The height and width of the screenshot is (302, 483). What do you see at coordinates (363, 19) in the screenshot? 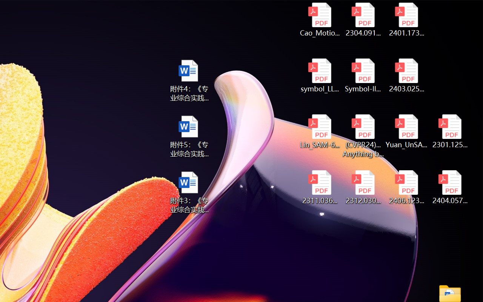
I see `'2304.09121v3.pdf'` at bounding box center [363, 19].